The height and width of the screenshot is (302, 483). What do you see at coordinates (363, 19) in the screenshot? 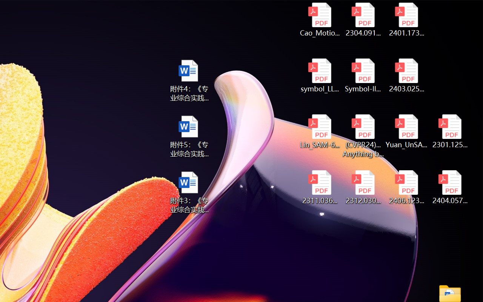
I see `'2304.09121v3.pdf'` at bounding box center [363, 19].